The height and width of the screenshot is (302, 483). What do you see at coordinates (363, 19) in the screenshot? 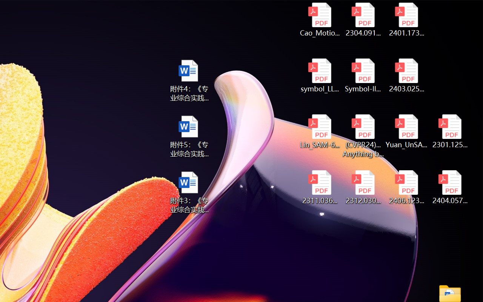
I see `'2304.09121v3.pdf'` at bounding box center [363, 19].